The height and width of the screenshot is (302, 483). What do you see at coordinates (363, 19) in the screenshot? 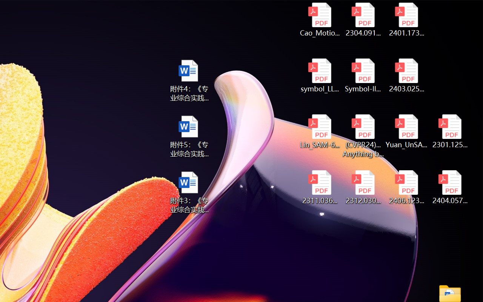
I see `'2304.09121v3.pdf'` at bounding box center [363, 19].